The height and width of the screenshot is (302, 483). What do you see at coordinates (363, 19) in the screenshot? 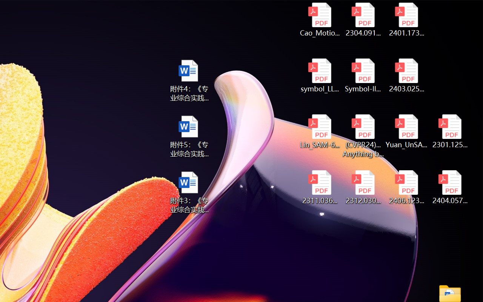
I see `'2304.09121v3.pdf'` at bounding box center [363, 19].